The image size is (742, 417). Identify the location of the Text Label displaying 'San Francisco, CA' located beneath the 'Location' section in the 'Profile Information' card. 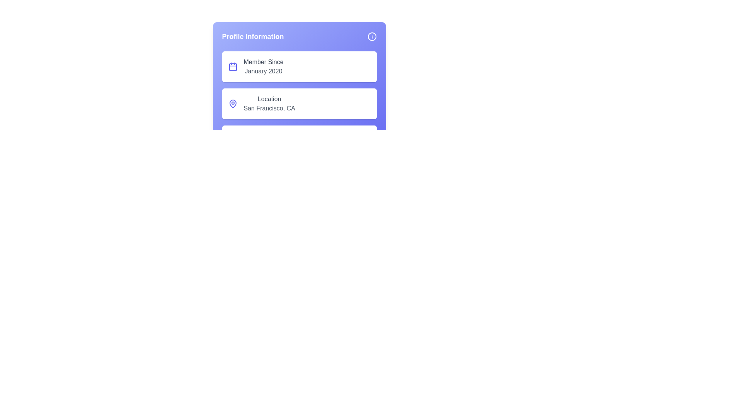
(269, 108).